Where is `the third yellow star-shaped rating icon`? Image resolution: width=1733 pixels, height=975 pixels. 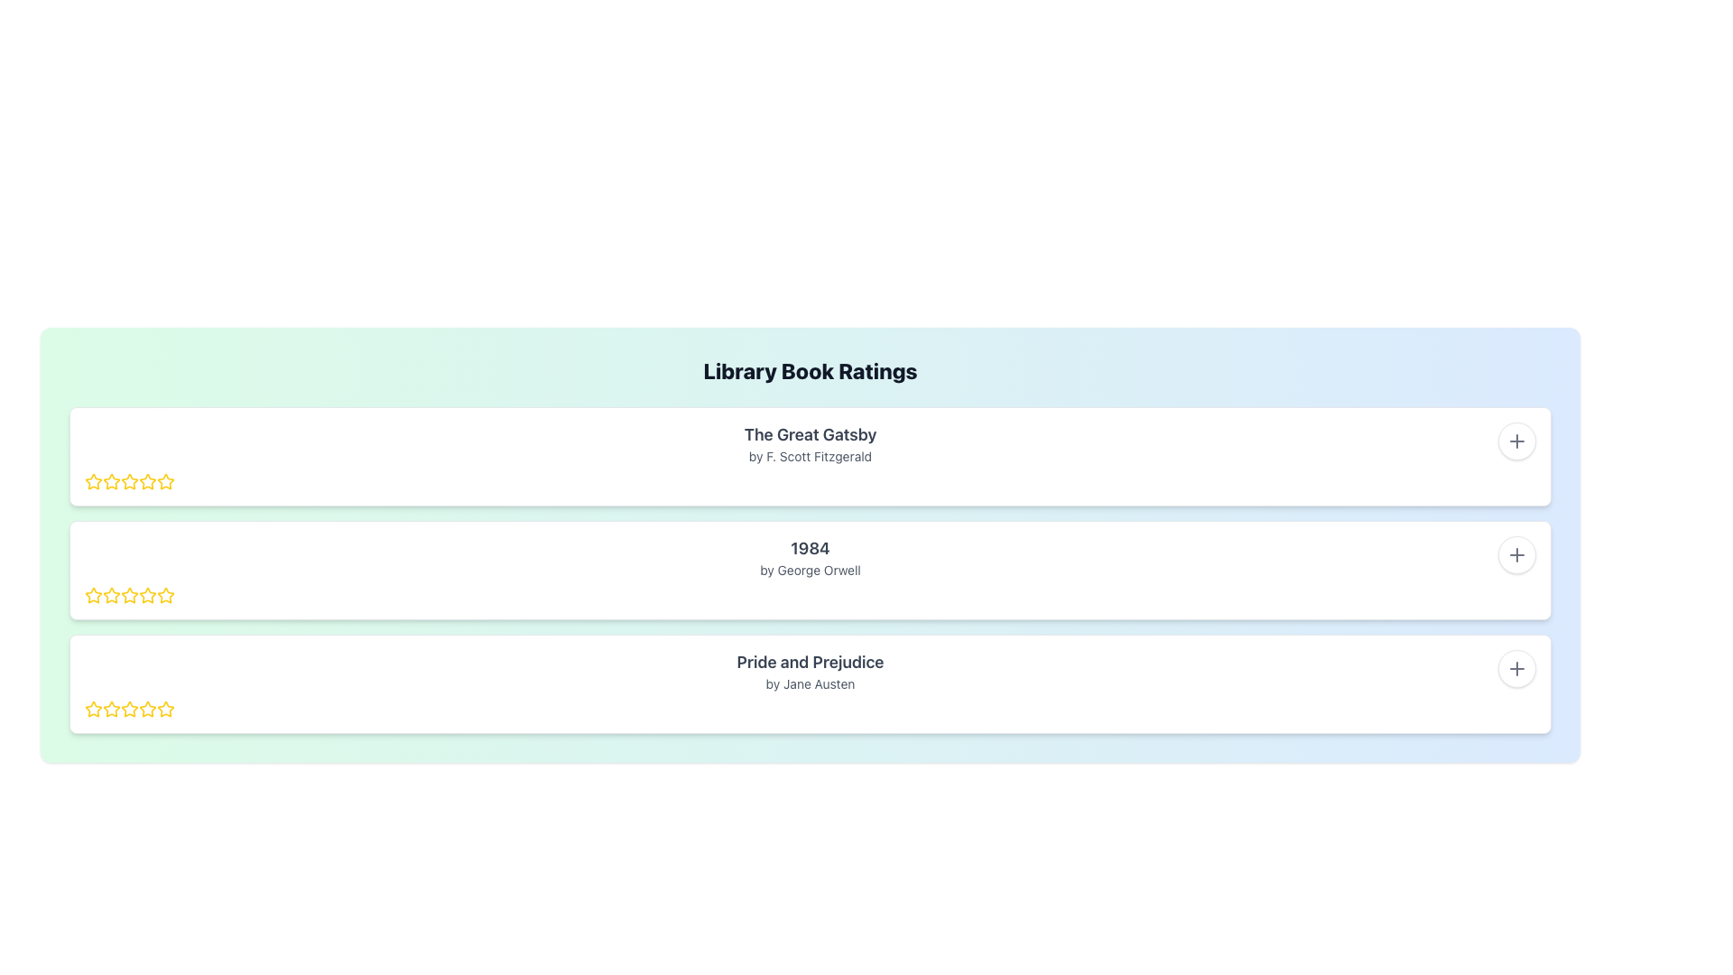
the third yellow star-shaped rating icon is located at coordinates (111, 595).